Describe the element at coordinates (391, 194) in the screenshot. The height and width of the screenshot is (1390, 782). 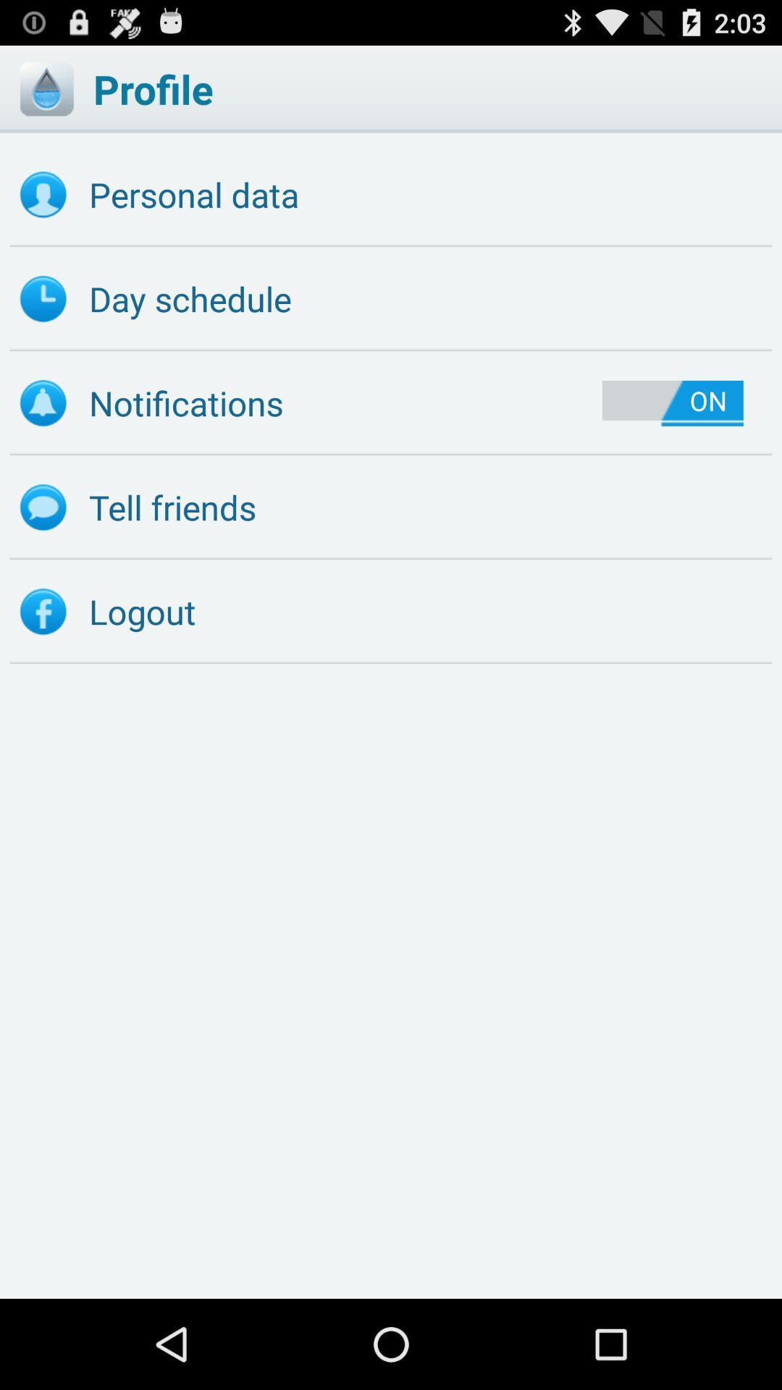
I see `button above day schedule button` at that location.